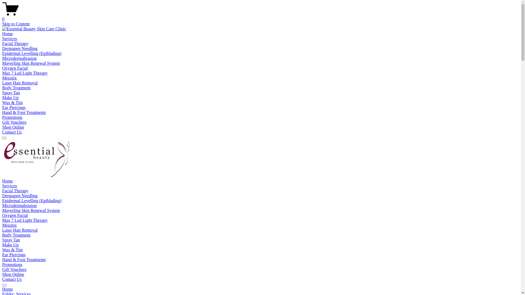 The width and height of the screenshot is (525, 295). Describe the element at coordinates (19, 205) in the screenshot. I see `'Microdermabrasion'` at that location.